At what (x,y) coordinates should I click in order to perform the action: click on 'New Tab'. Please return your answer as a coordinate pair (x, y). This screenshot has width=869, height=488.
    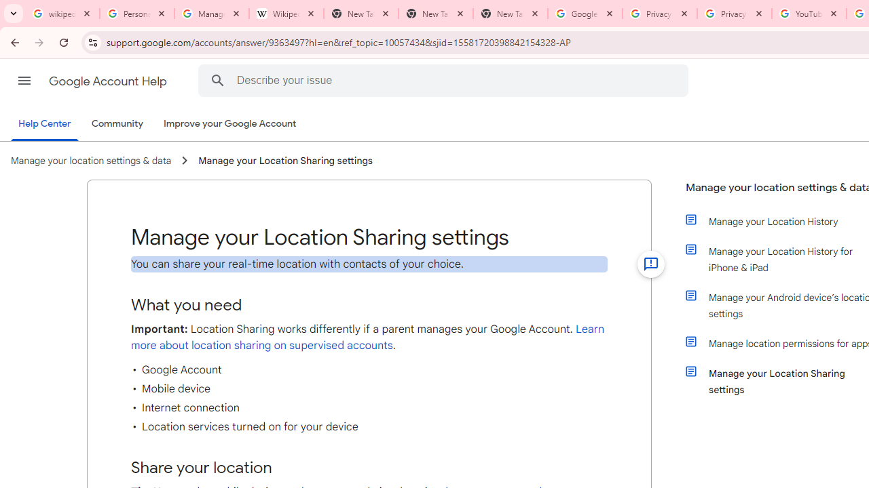
    Looking at the image, I should click on (510, 14).